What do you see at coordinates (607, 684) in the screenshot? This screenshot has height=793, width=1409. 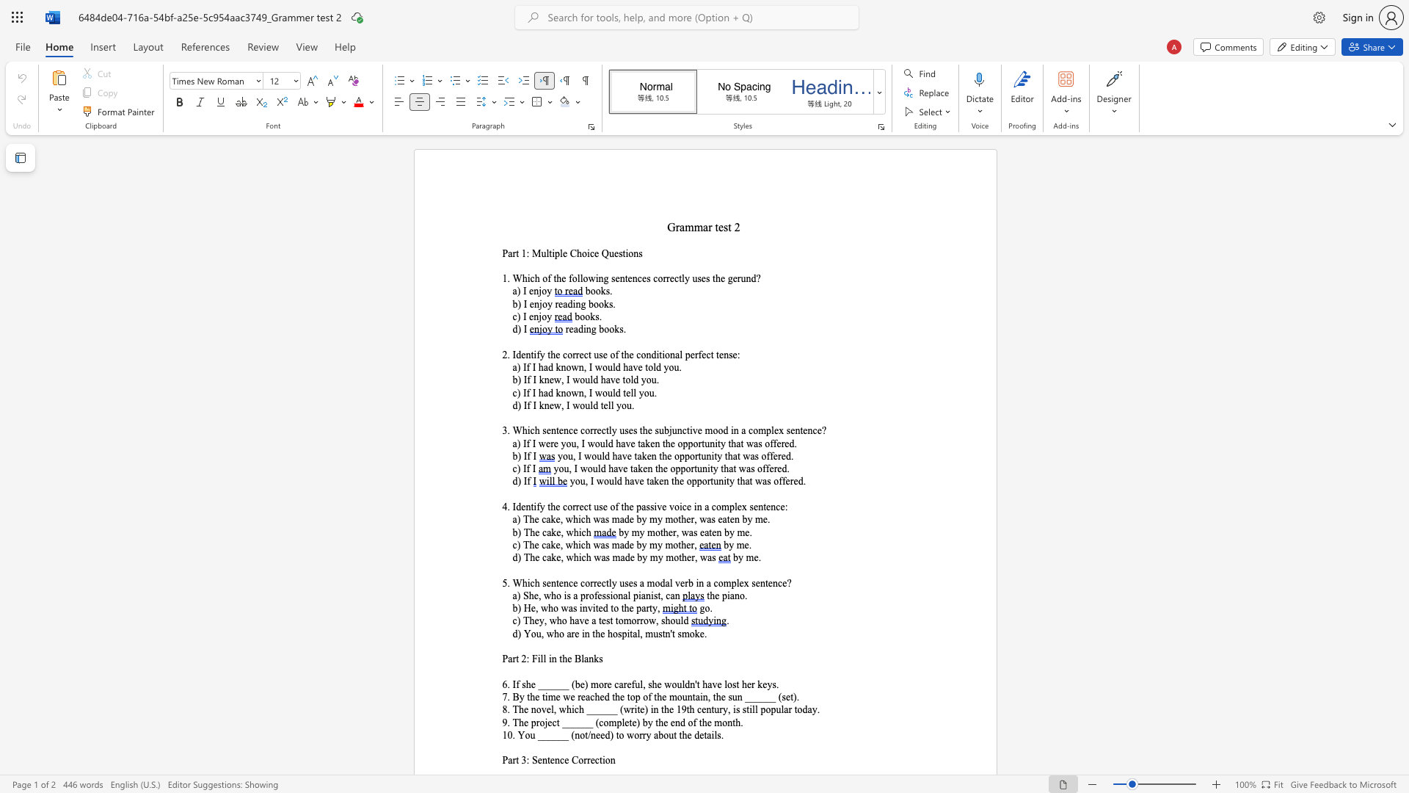 I see `the subset text "e ca" within the text "6. If she ______ (be) more careful, she"` at bounding box center [607, 684].